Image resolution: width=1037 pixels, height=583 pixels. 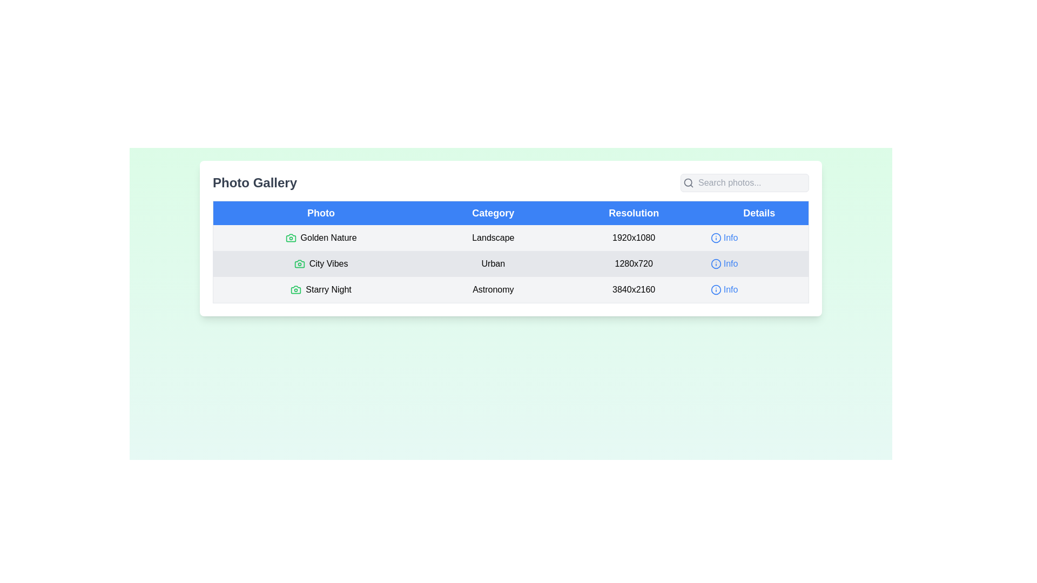 I want to click on the text label indicating the category of the 'Golden Nature' photo located in the second item of the 'Category' column in the table, so click(x=493, y=237).